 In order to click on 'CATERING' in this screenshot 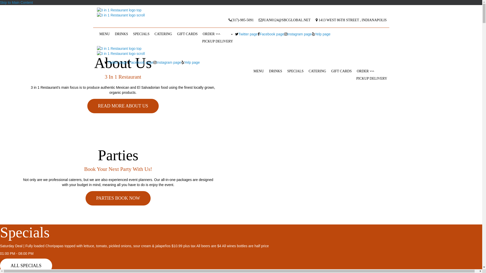, I will do `click(163, 34)`.